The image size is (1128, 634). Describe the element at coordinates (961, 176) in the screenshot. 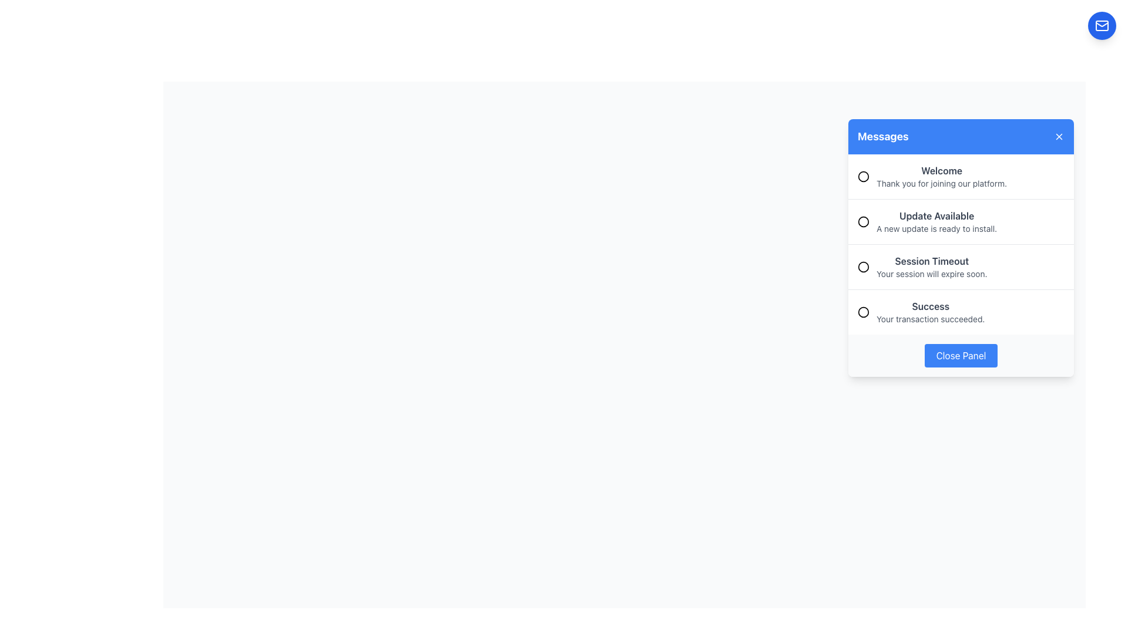

I see `the Notification item titled 'Welcome' which is the first item in the 'Messages' panel` at that location.